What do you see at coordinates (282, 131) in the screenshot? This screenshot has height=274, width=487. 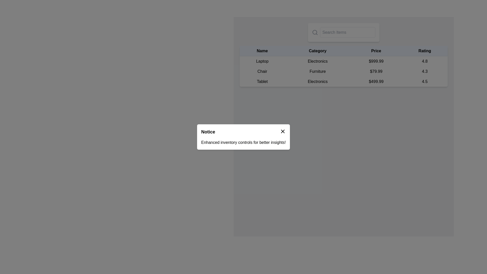 I see `the Close Icon located at the top-right corner of the 'Notice' modal` at bounding box center [282, 131].